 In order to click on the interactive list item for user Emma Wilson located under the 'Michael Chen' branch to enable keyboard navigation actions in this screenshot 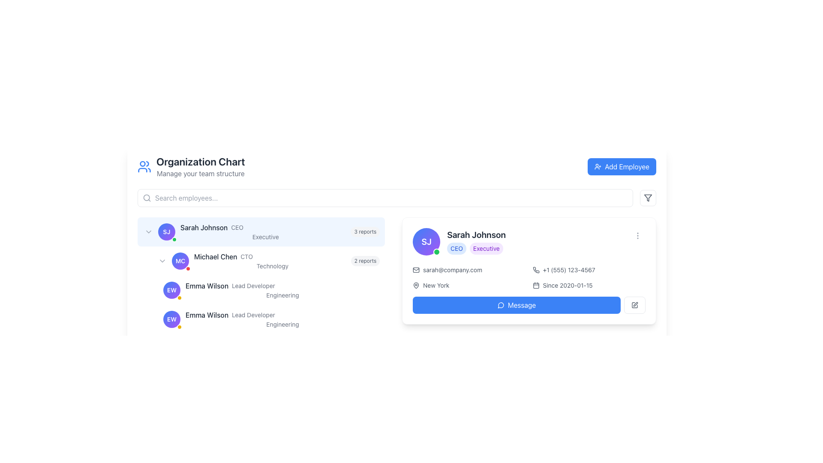, I will do `click(267, 319)`.